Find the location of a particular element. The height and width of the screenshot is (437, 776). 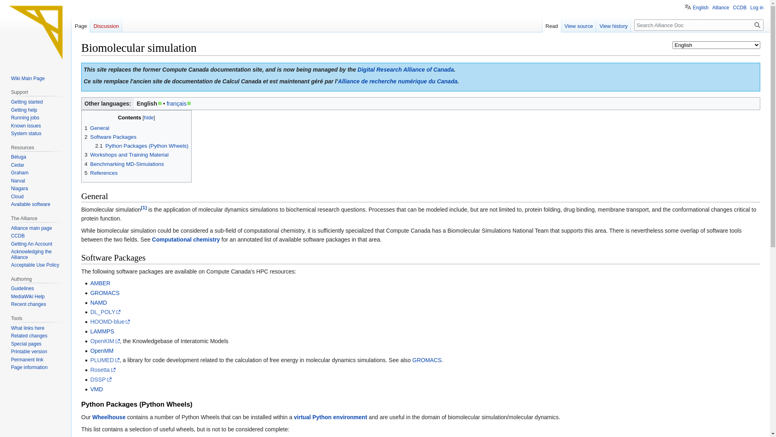

'Search' is located at coordinates (757, 24).